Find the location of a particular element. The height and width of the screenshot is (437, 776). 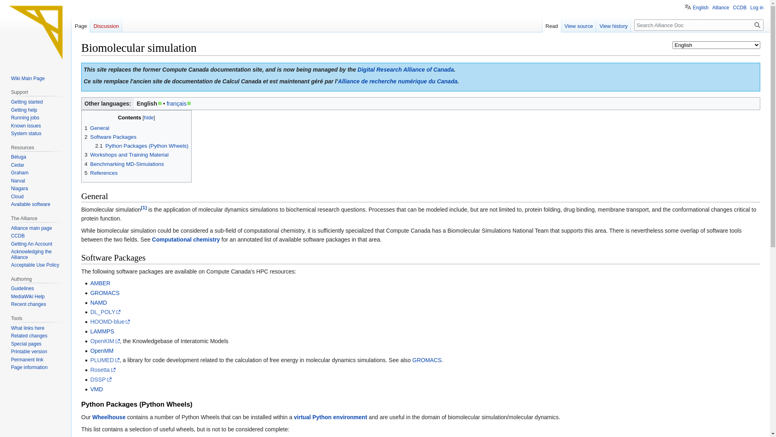

'Search' is located at coordinates (757, 24).